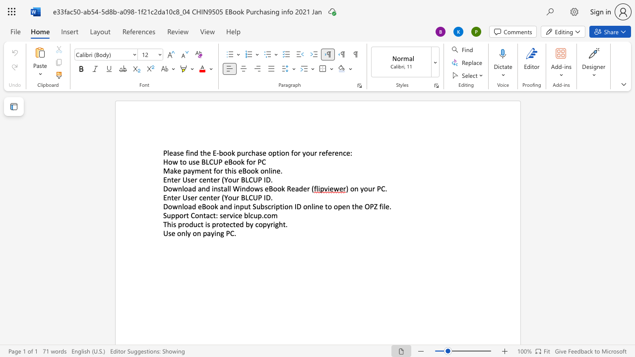 Image resolution: width=635 pixels, height=357 pixels. I want to click on the subset text "k purch" within the text "Please find the E-book purchase", so click(231, 153).